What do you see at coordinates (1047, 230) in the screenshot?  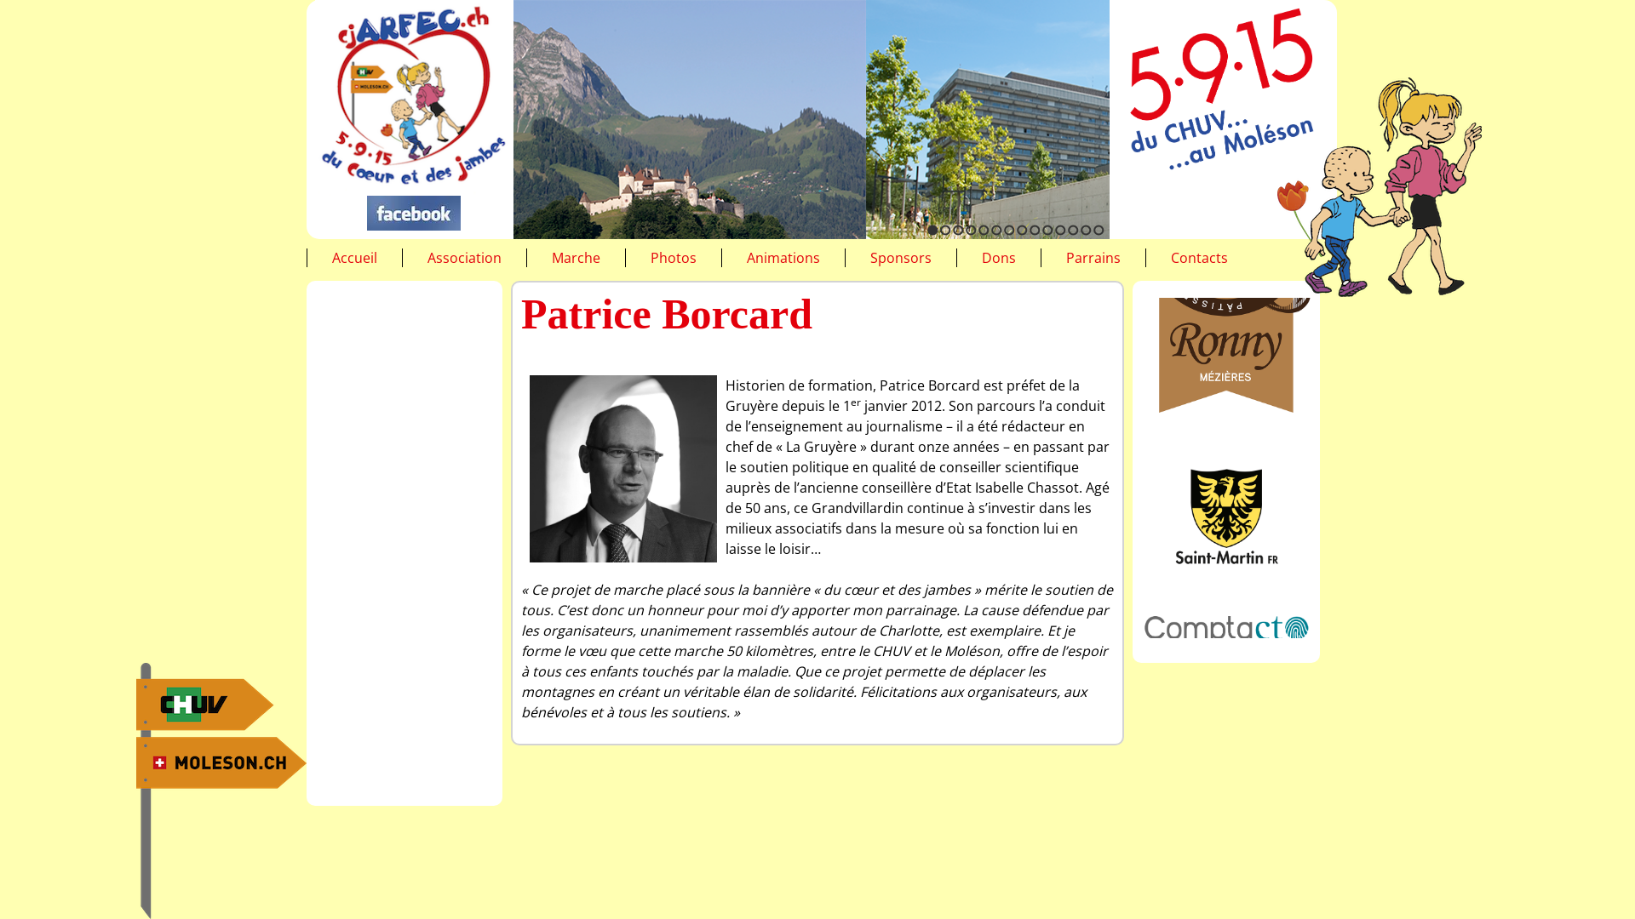 I see `'10'` at bounding box center [1047, 230].